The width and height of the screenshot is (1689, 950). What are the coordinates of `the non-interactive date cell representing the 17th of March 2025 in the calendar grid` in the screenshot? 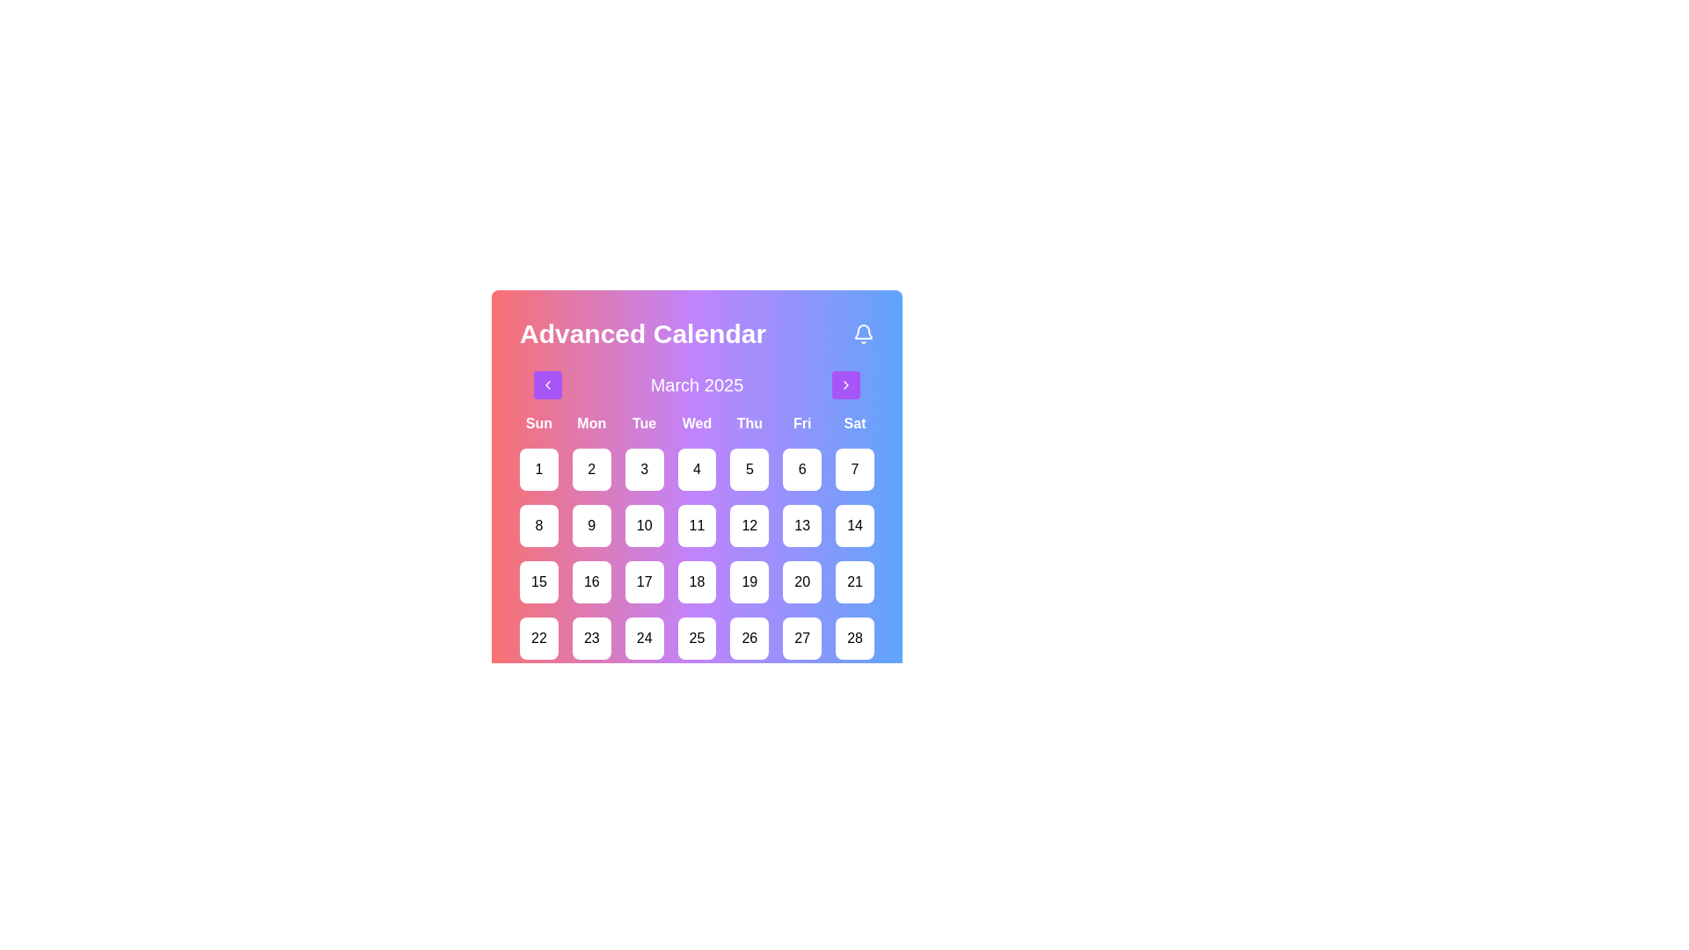 It's located at (643, 582).